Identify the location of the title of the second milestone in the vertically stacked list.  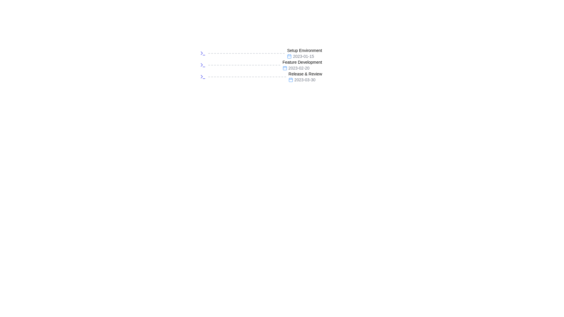
(261, 65).